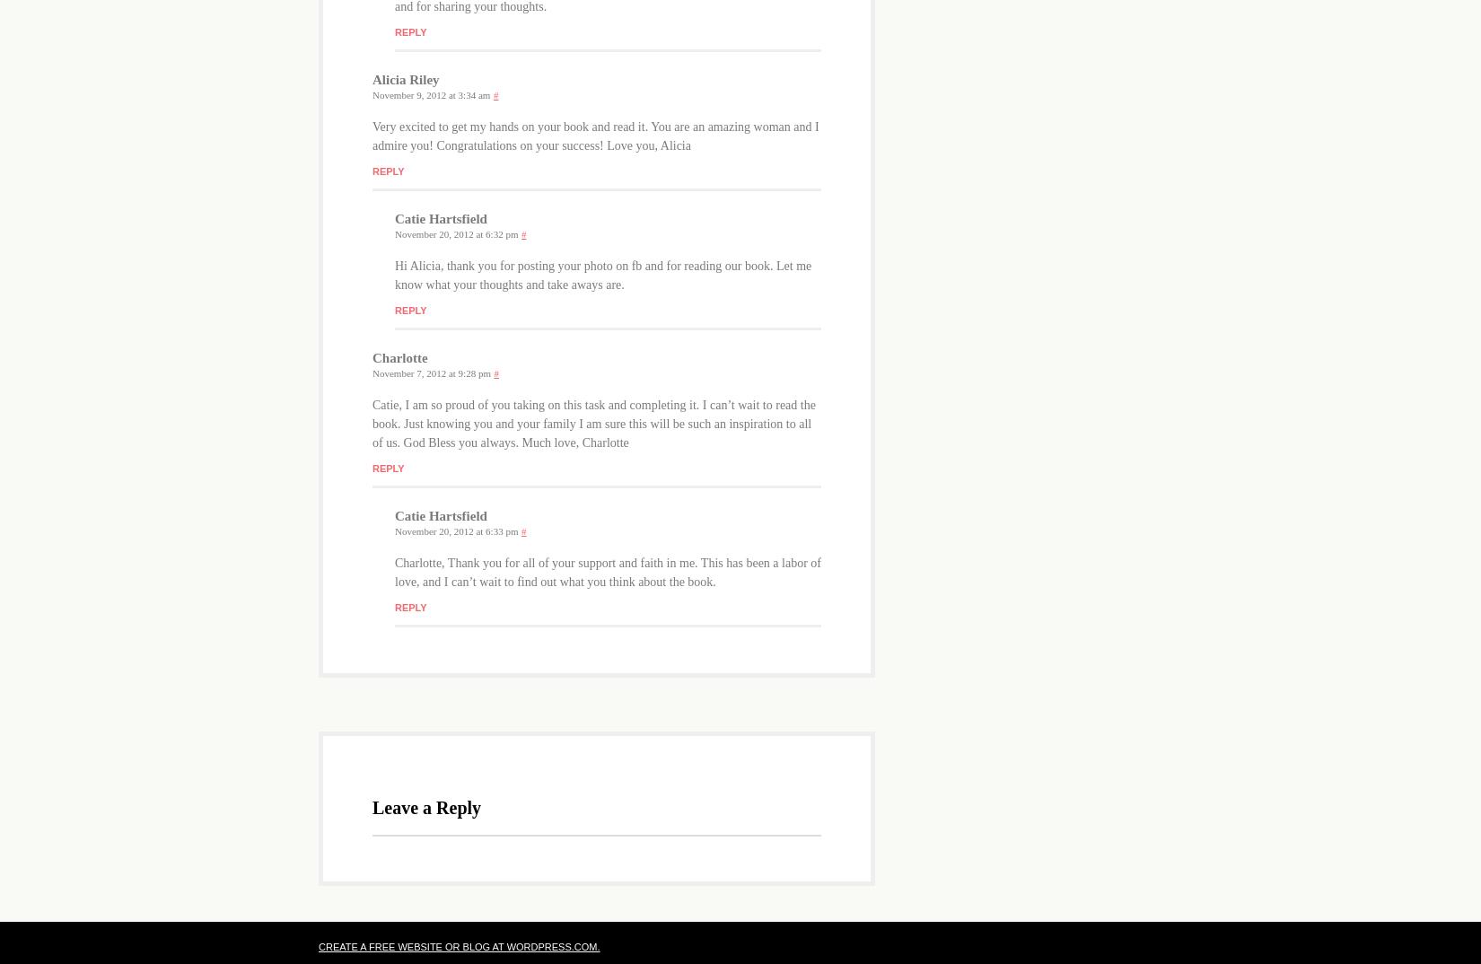 This screenshot has height=964, width=1481. What do you see at coordinates (430, 95) in the screenshot?
I see `'November 9, 2012 at 3:34 am'` at bounding box center [430, 95].